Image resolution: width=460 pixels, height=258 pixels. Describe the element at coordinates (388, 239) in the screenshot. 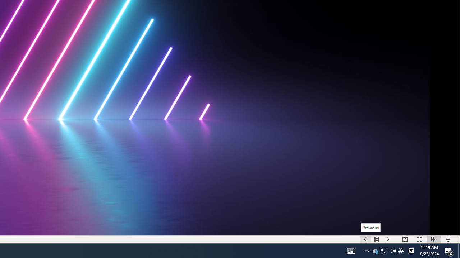

I see `'Slide Show Next On'` at that location.